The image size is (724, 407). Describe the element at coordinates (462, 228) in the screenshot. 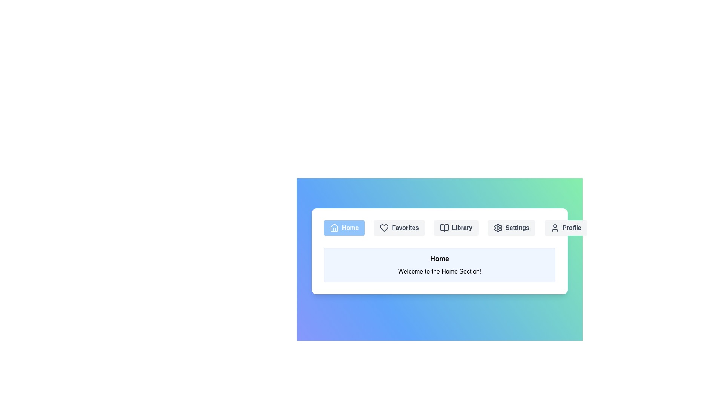

I see `the 'Library' text label which is styled in a dark font and is part of the menu option next to a book icon` at that location.